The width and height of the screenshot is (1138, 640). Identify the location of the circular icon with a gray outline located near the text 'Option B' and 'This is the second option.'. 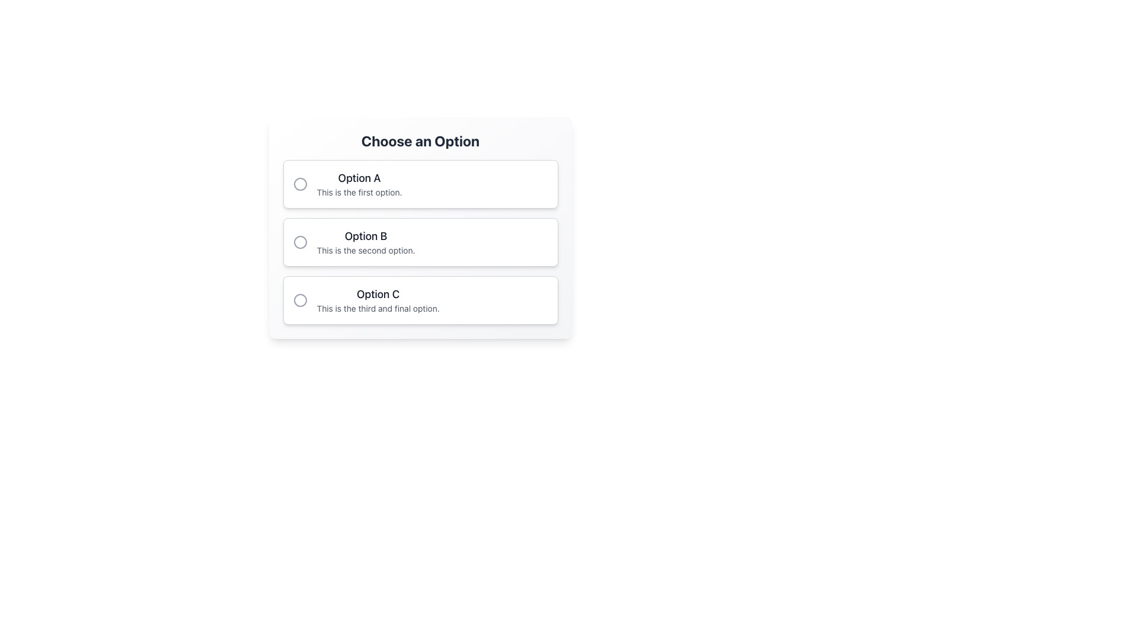
(300, 241).